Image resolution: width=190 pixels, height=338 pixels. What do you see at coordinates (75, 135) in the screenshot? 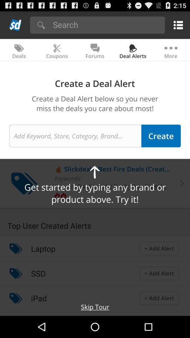
I see `make alert name` at bounding box center [75, 135].